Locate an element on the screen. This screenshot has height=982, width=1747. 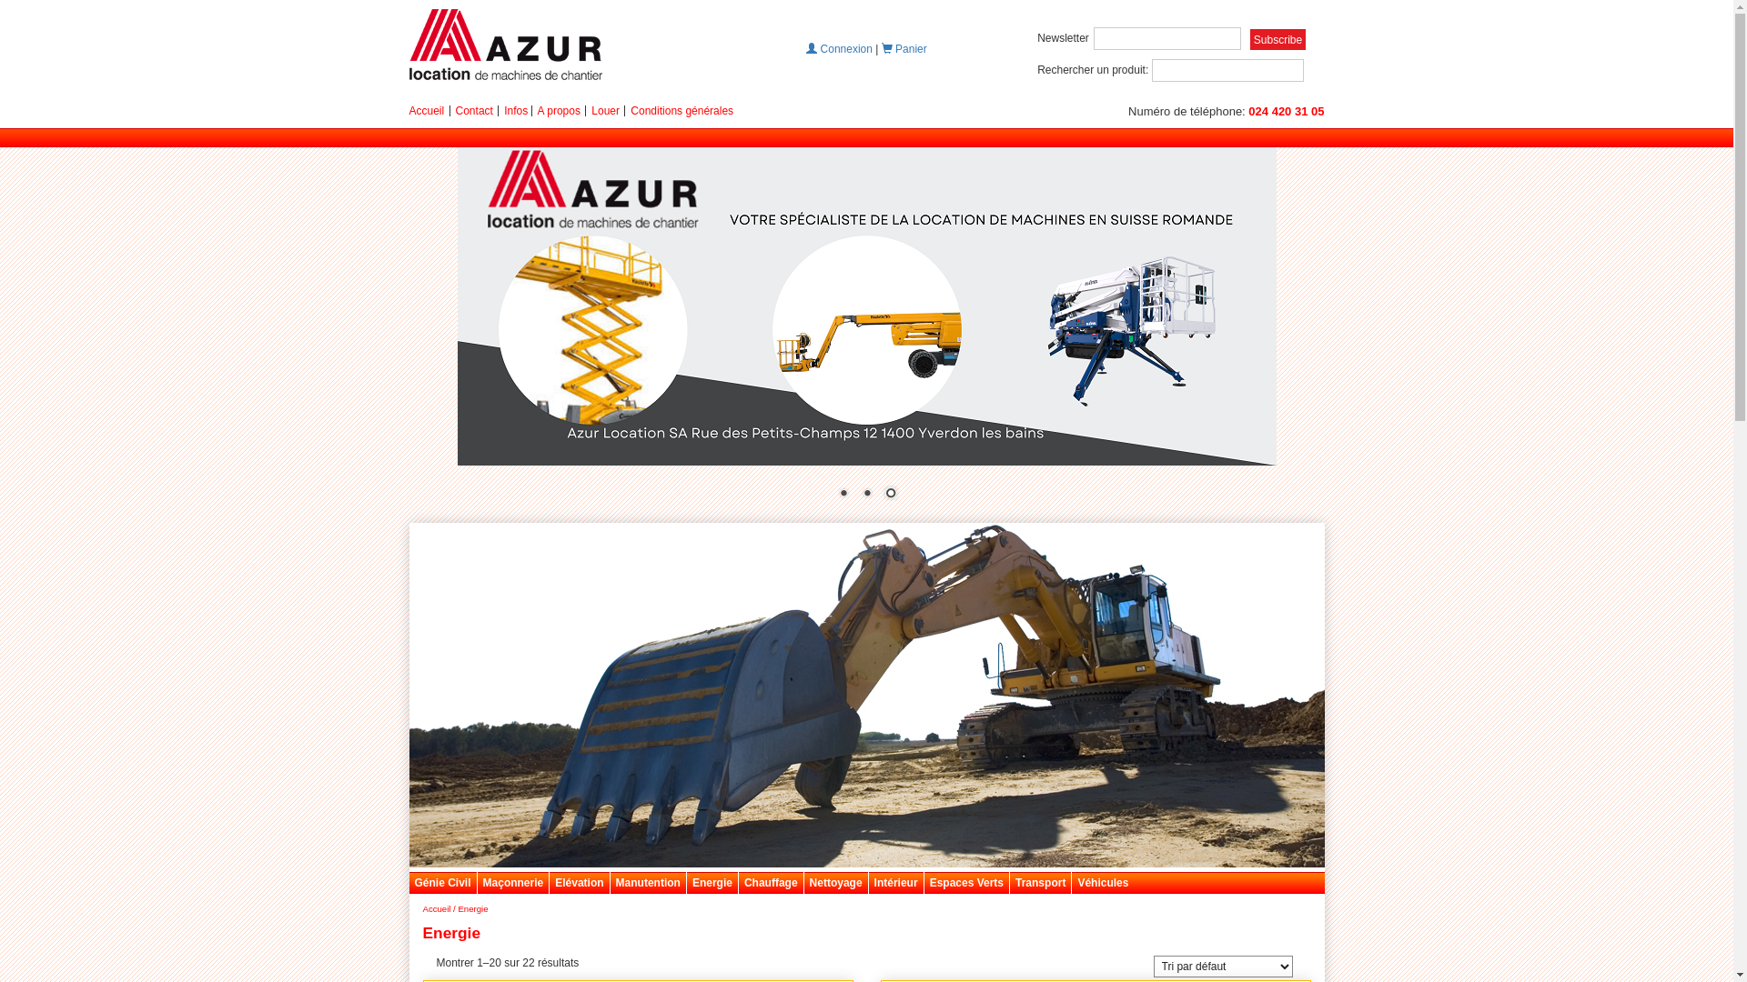
'2' is located at coordinates (866, 495).